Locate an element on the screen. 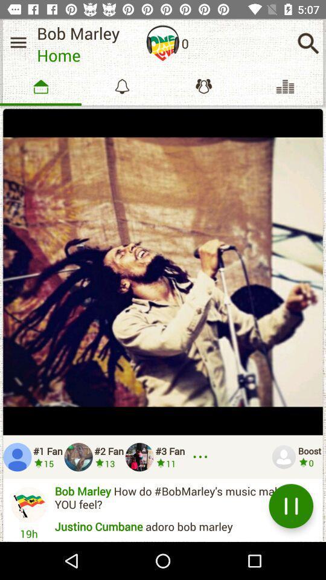 The height and width of the screenshot is (580, 326). the item above bob marley how is located at coordinates (202, 456).